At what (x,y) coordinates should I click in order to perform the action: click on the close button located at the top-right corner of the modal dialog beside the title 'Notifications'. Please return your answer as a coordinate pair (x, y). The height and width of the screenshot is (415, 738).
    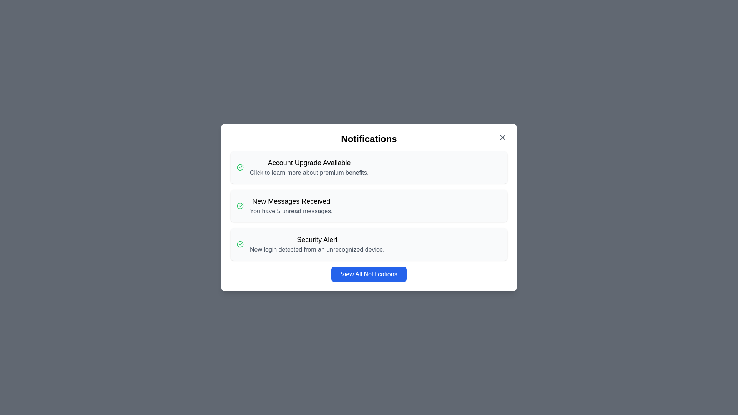
    Looking at the image, I should click on (503, 137).